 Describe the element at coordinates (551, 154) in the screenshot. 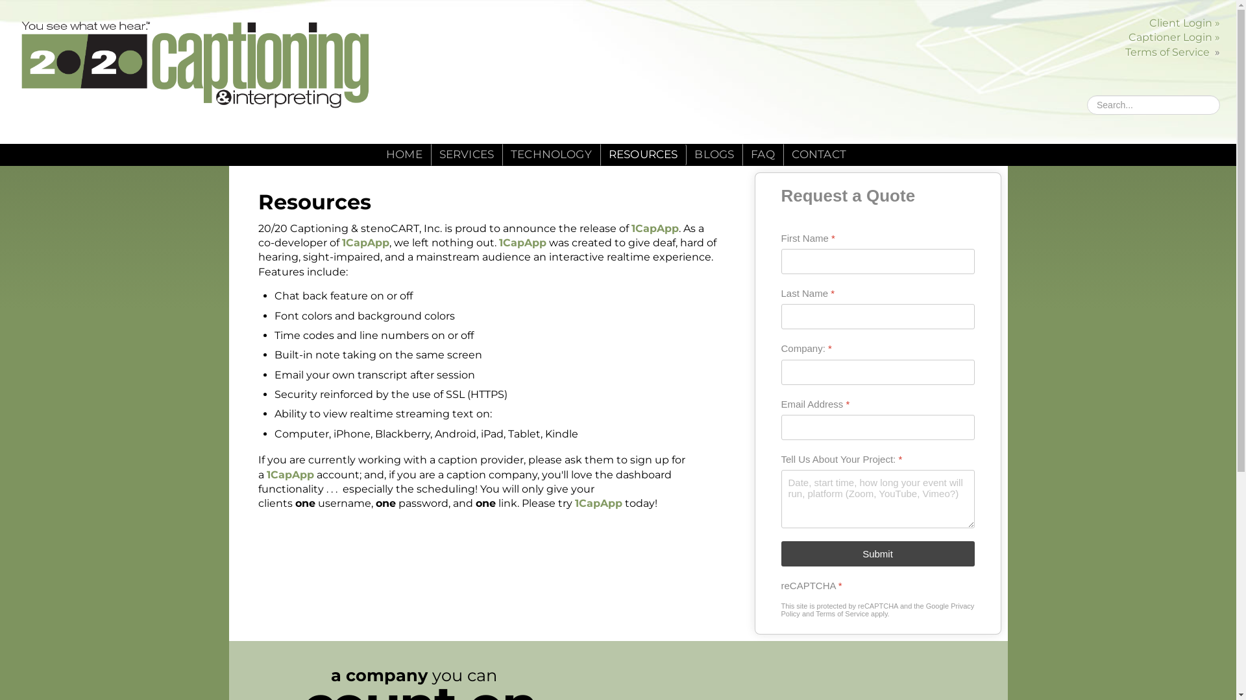

I see `'TECHNOLOGY'` at that location.